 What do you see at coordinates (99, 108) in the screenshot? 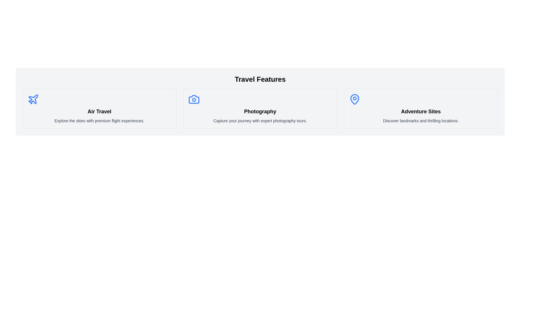
I see `the leftmost card in the 'Travel Features' section, which contains an airplane icon and the title 'Air Travel'` at bounding box center [99, 108].